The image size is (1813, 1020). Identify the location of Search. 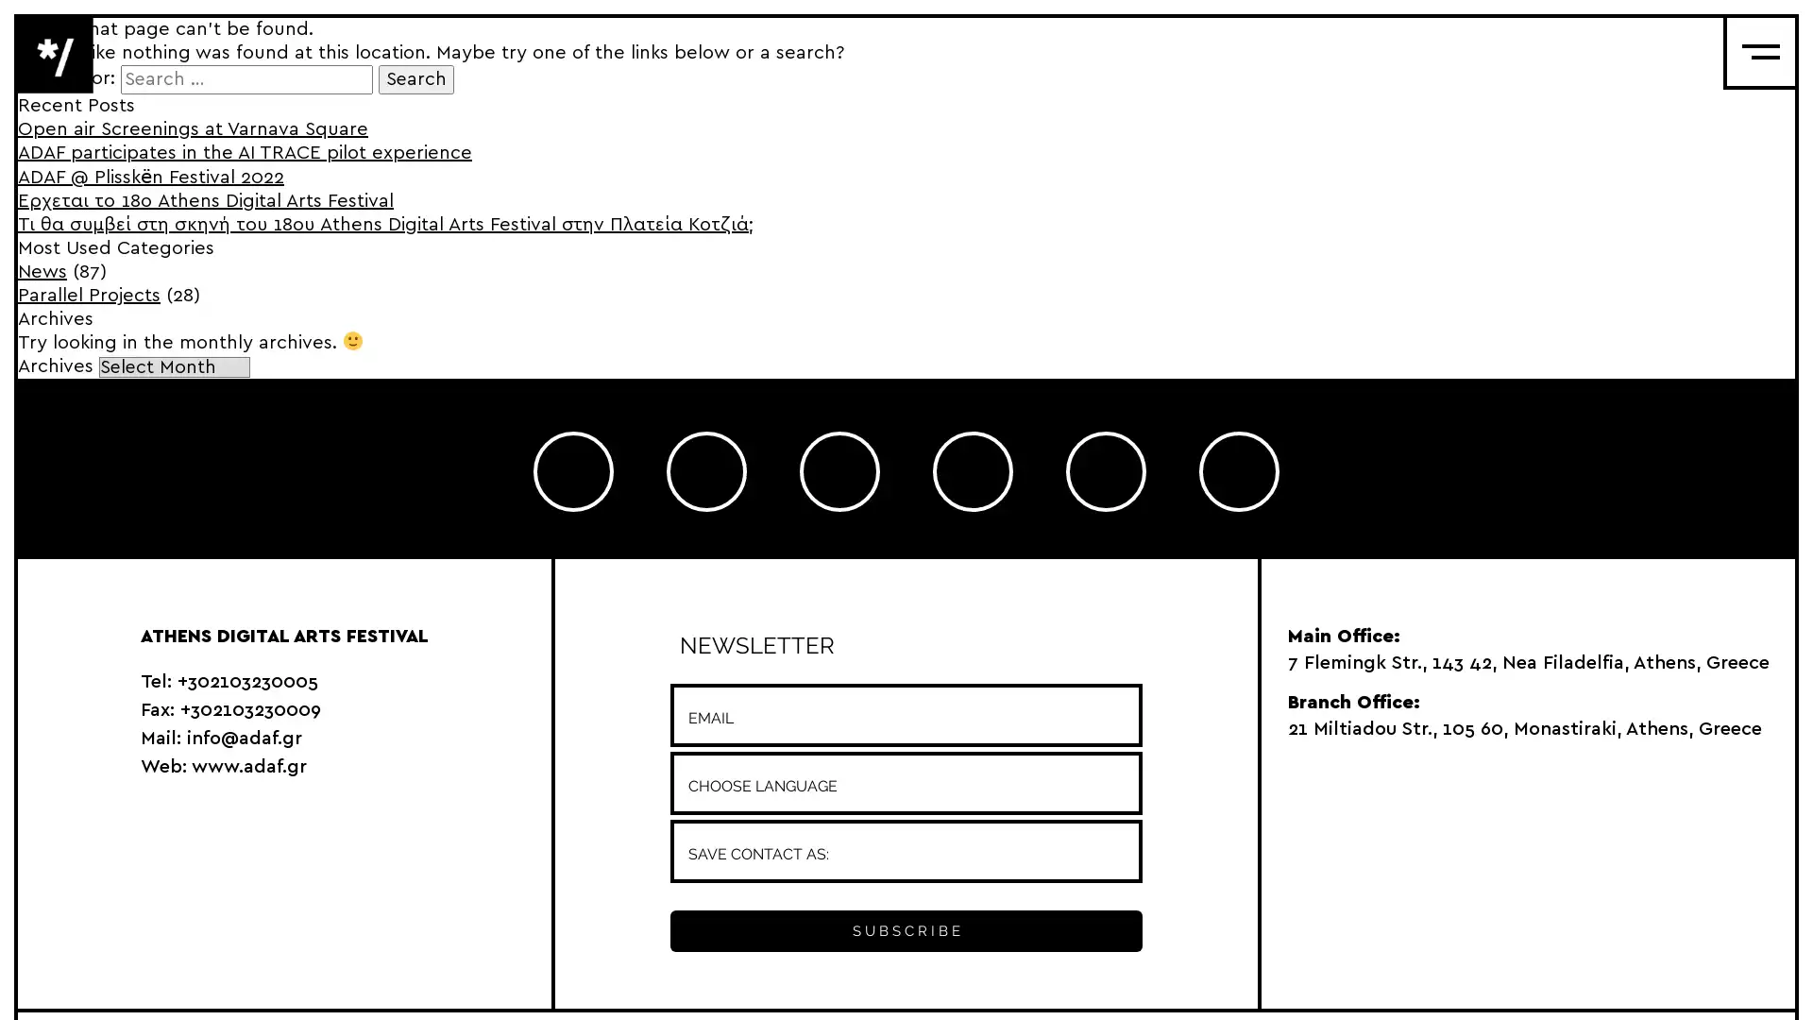
(415, 78).